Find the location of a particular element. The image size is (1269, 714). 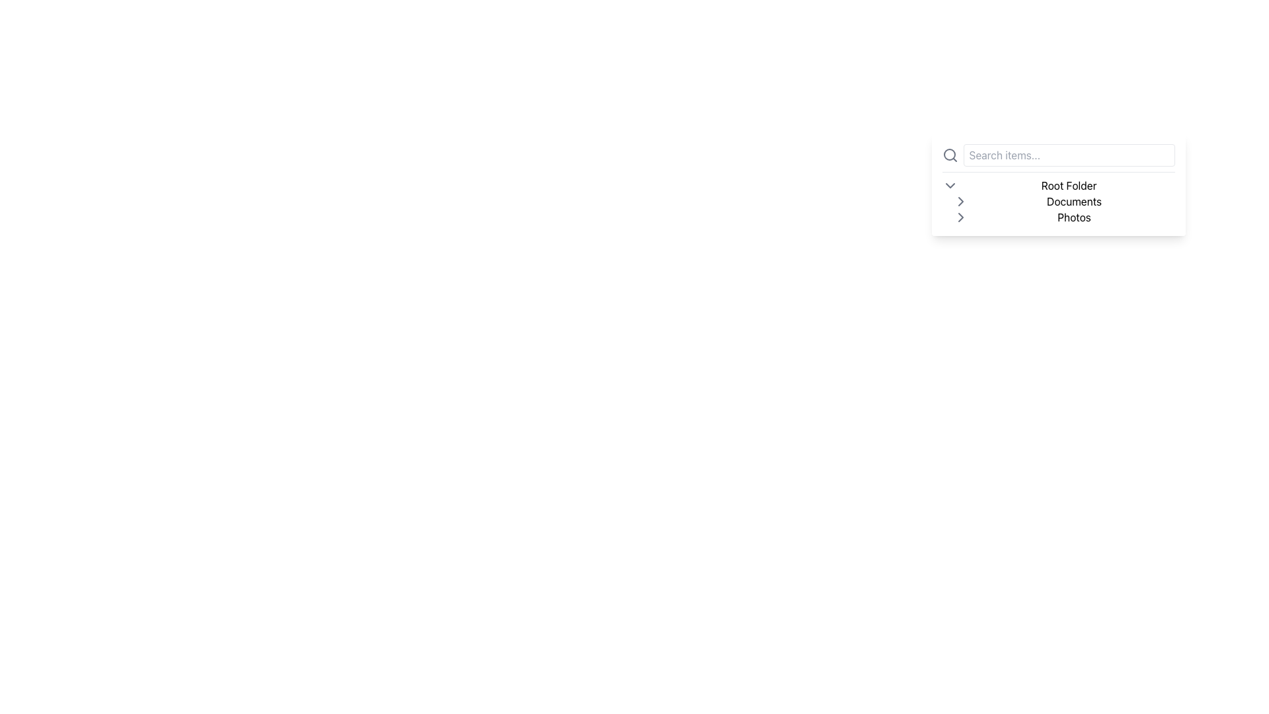

the 'Documents' label in the hierarchical list is located at coordinates (1058, 201).